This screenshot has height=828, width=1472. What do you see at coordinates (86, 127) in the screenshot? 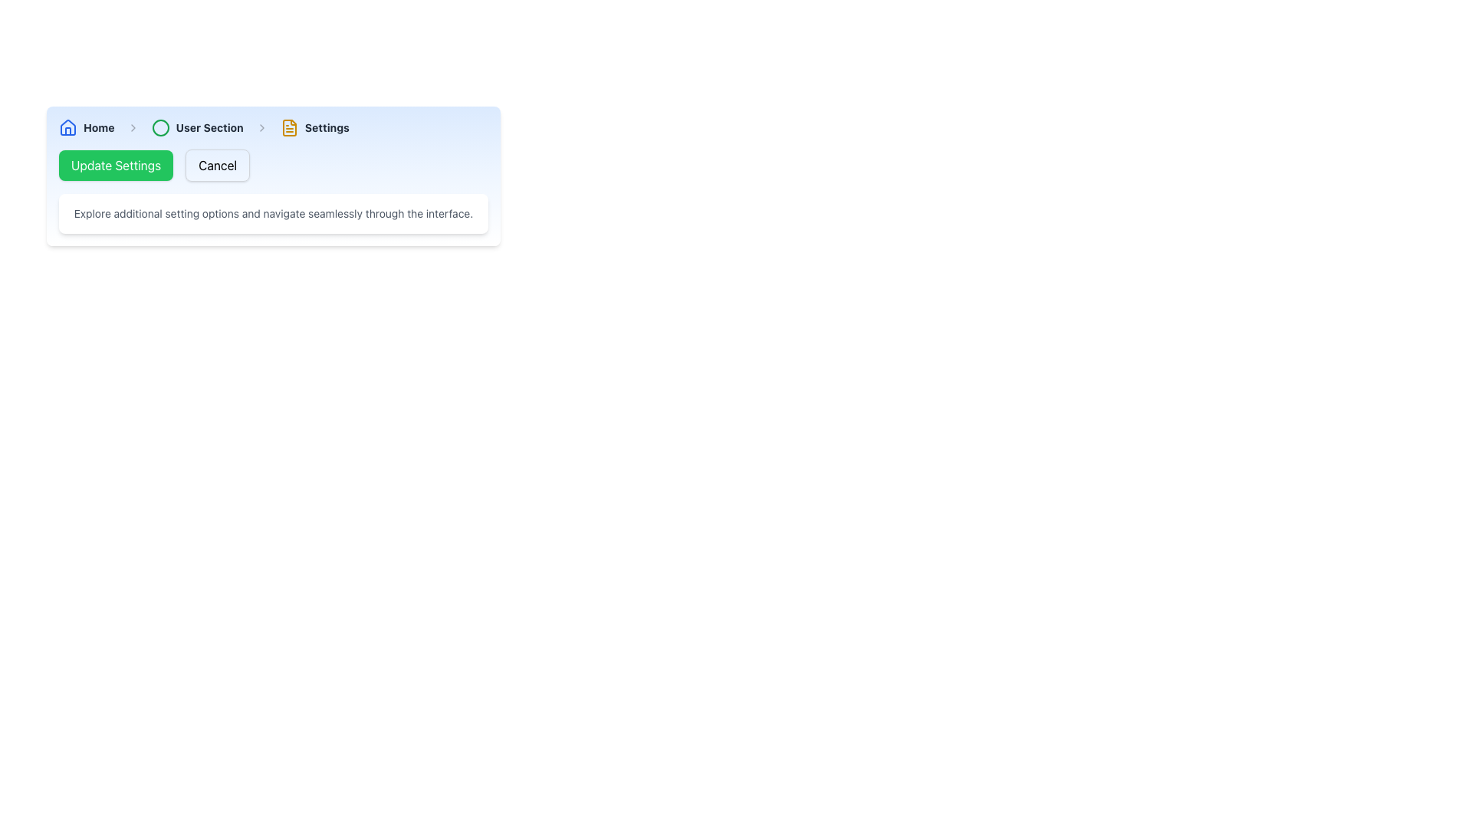
I see `the 'Home' breadcrumb navigation item` at bounding box center [86, 127].